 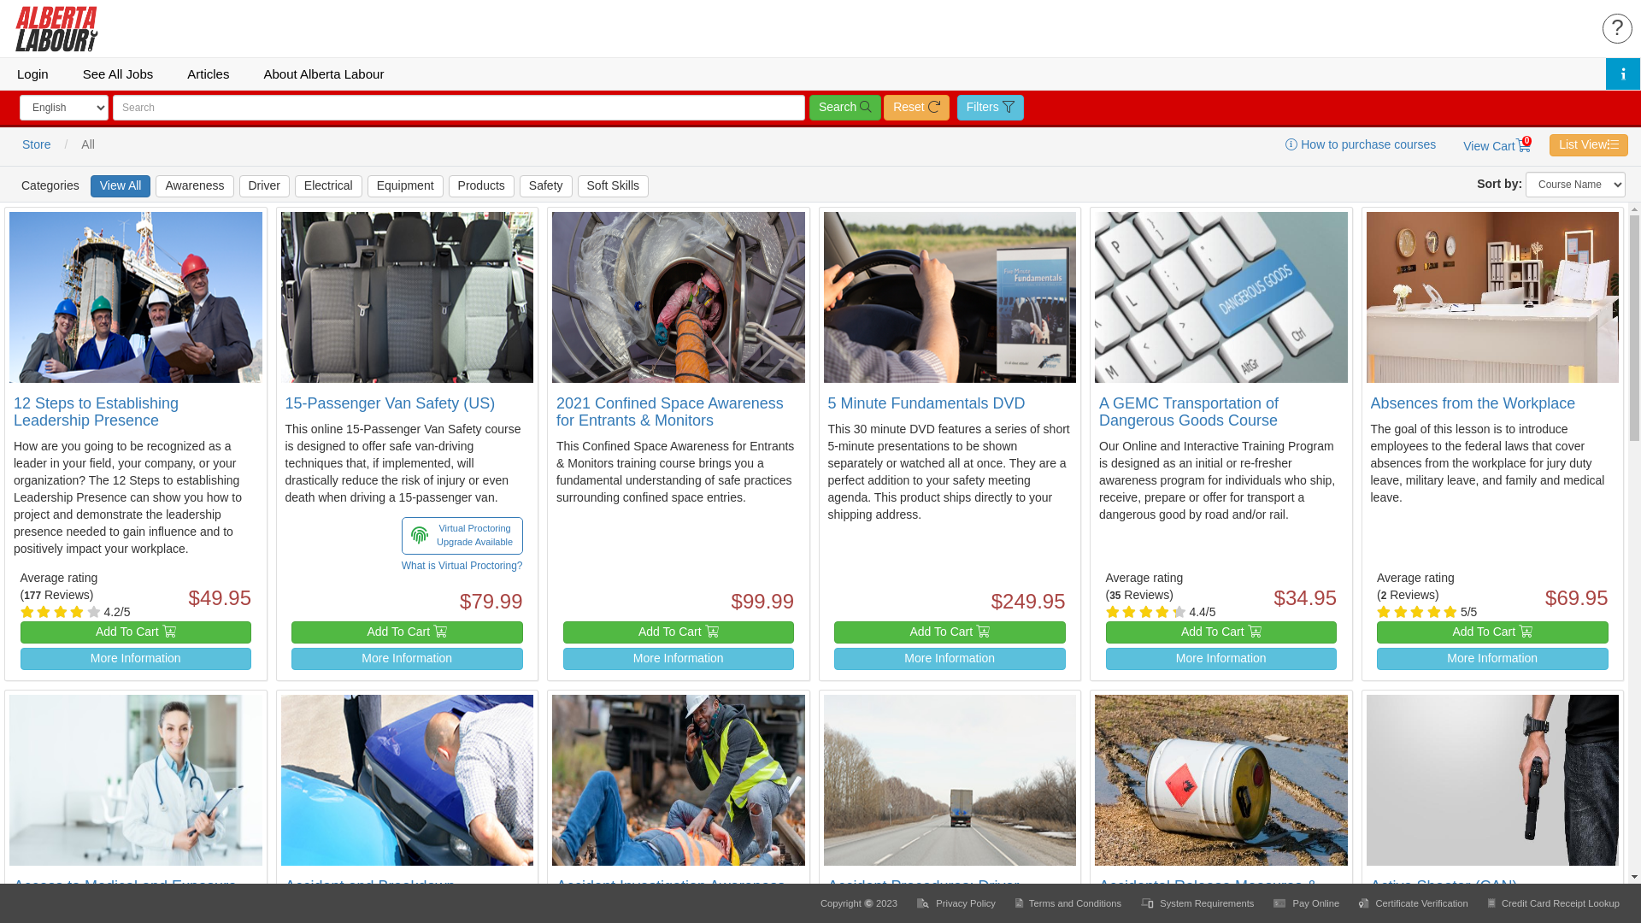 I want to click on '2021 Confined Space Awareness for Entrants & Monitors', so click(x=556, y=412).